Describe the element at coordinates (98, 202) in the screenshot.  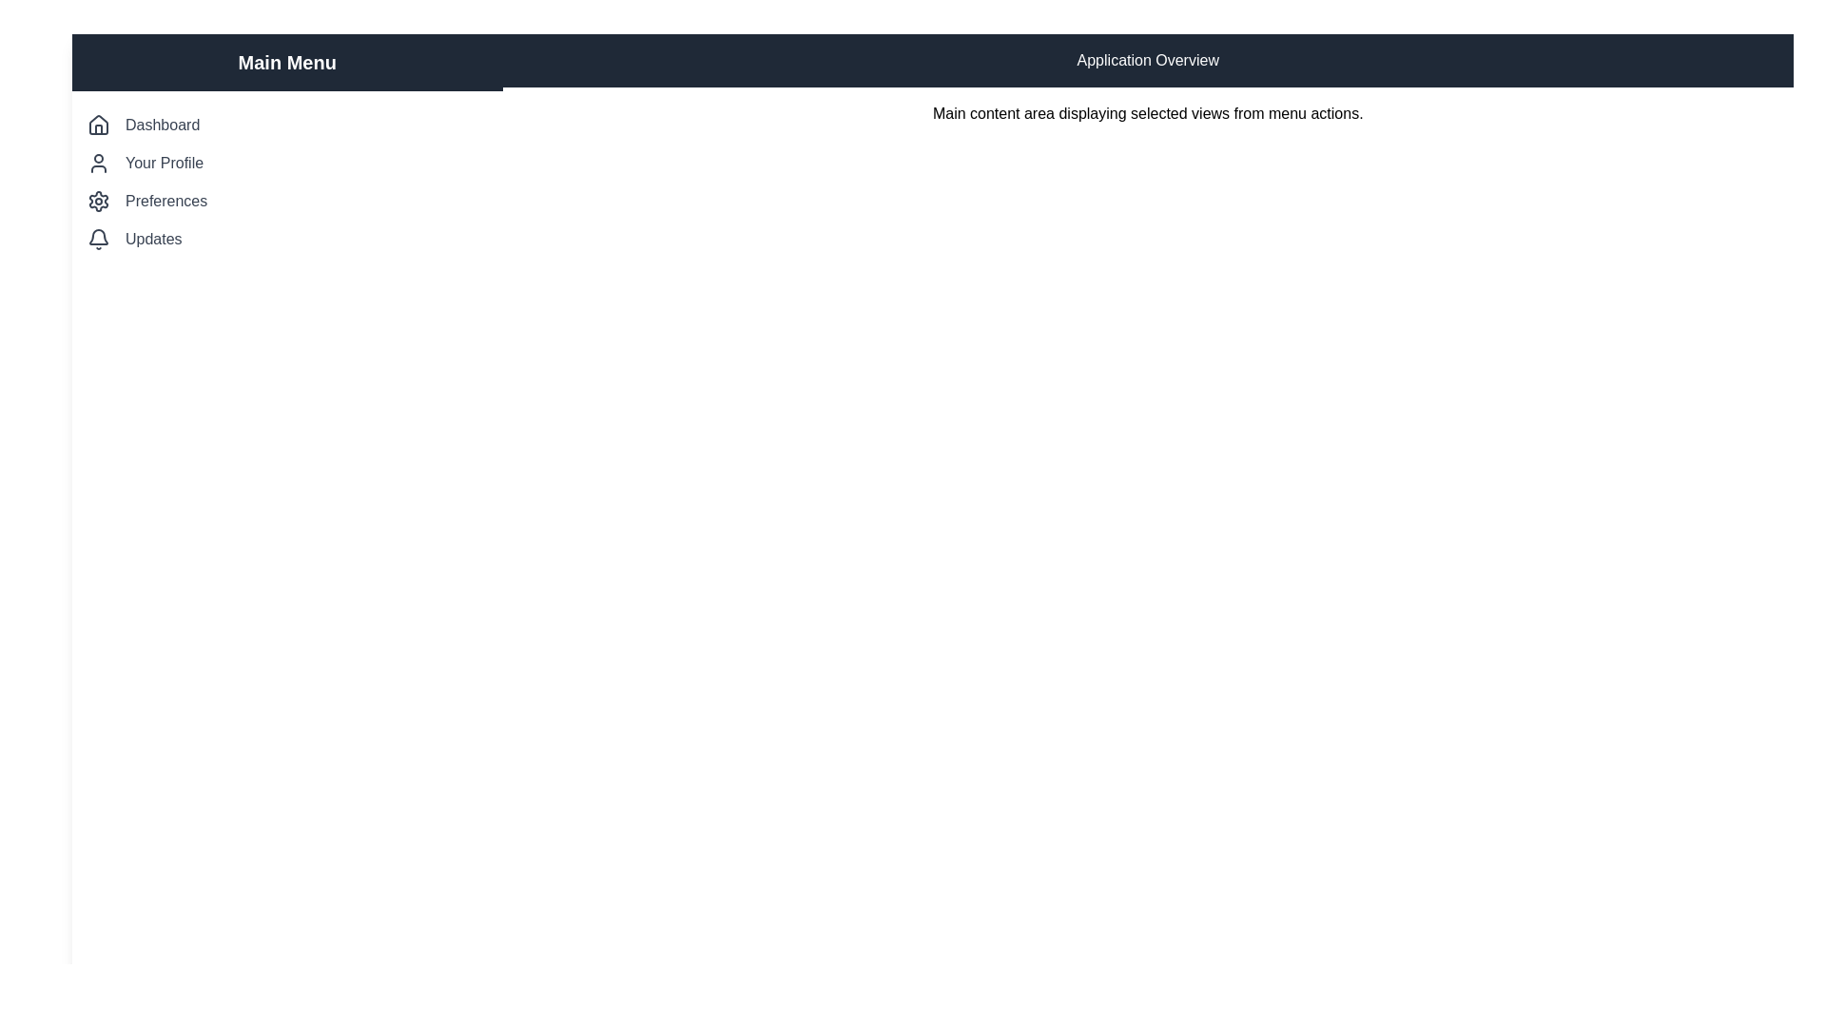
I see `the gear-like icon` at that location.